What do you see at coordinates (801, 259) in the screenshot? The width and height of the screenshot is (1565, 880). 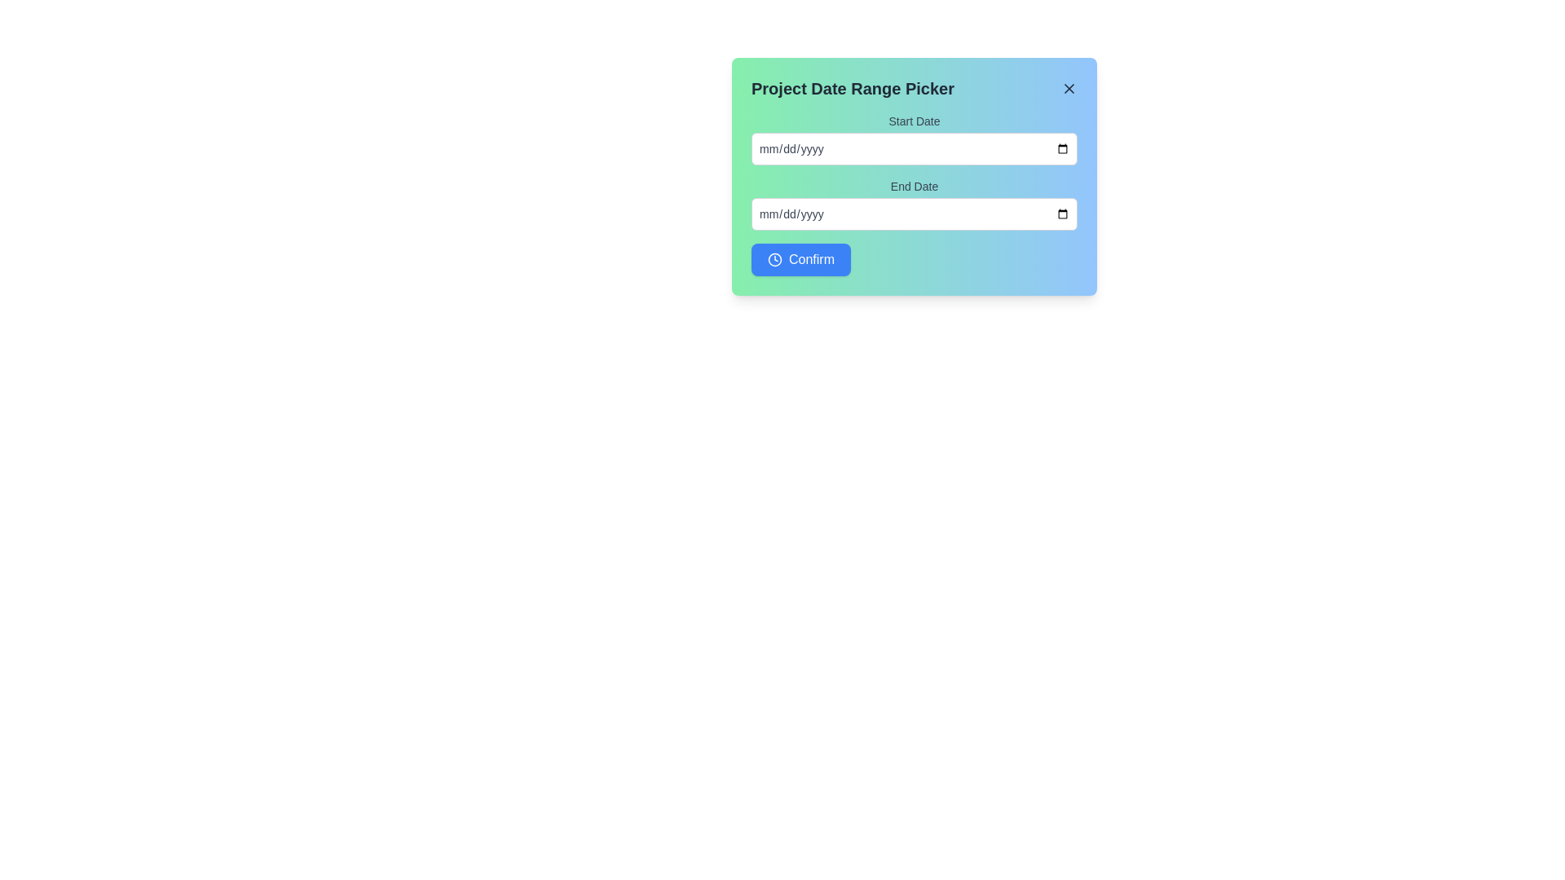 I see `the 'Confirm' button with a blue background and white text, located in the bottom-left corner of the 'Project Date Range Picker' modal dialog` at bounding box center [801, 259].